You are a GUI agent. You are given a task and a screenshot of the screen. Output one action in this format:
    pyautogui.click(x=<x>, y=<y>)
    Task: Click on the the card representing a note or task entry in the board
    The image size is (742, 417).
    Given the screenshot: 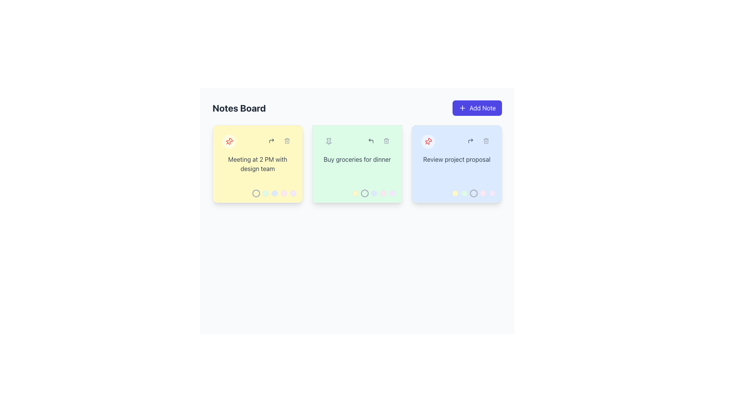 What is the action you would take?
    pyautogui.click(x=457, y=163)
    